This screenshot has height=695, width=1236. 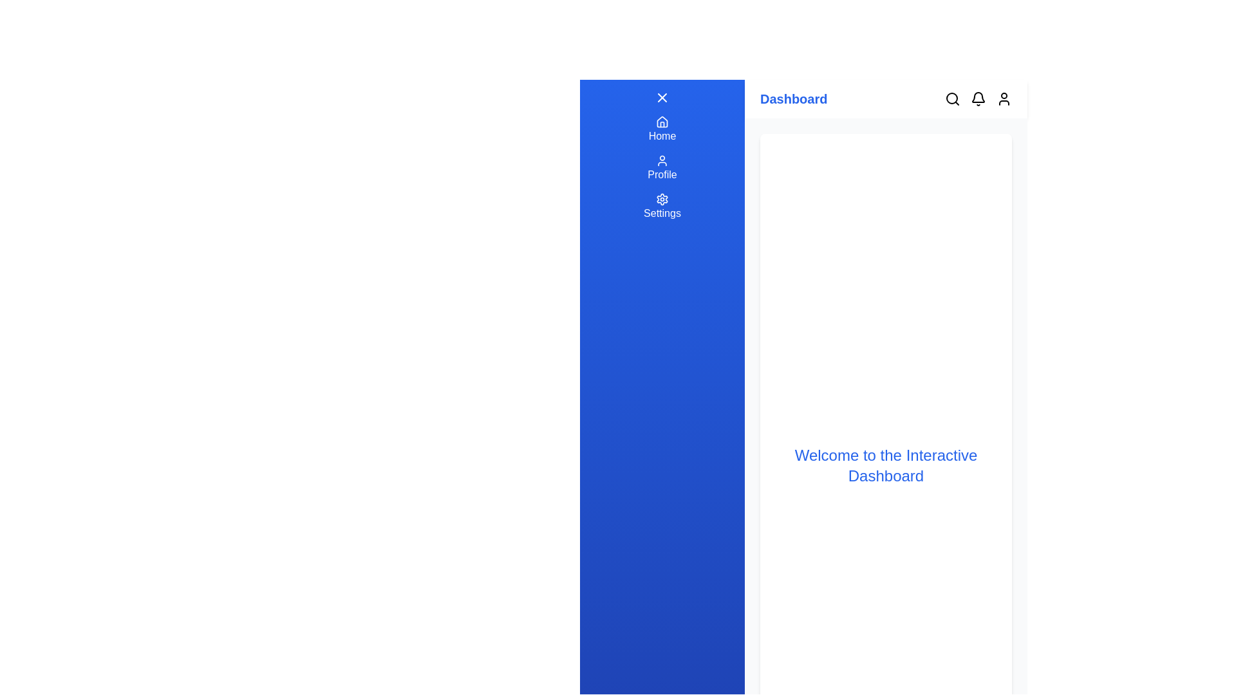 I want to click on the Notification Icon (bell), so click(x=979, y=98).